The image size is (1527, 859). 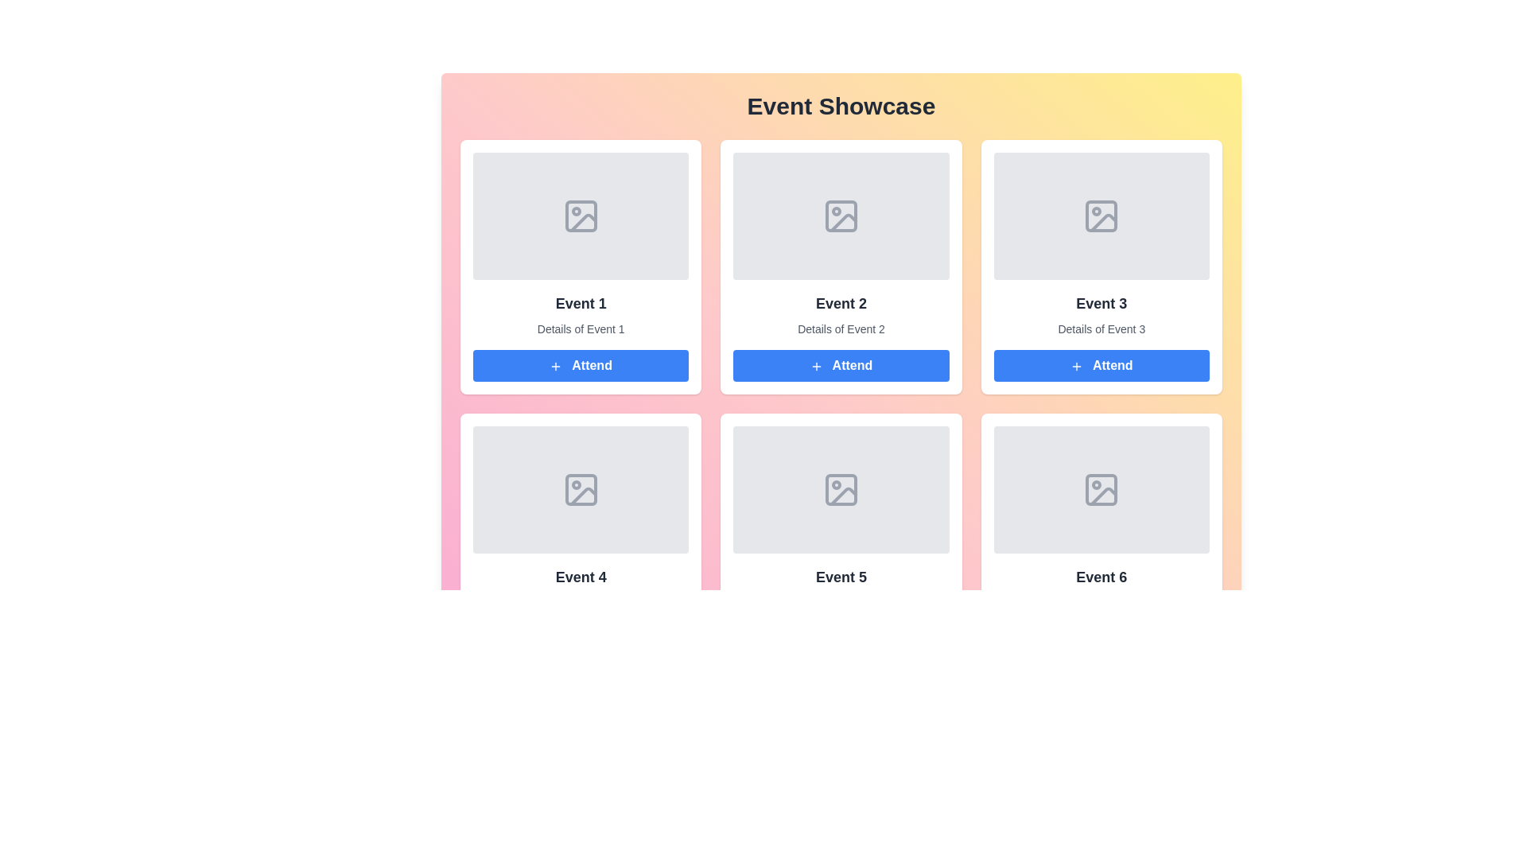 What do you see at coordinates (1101, 216) in the screenshot?
I see `the Image placeholder area, which is a rounded rectangular light gray area with a centered image placeholder icon, located at the top section of the card labeled 'Event 3' in the Event Showcase grid` at bounding box center [1101, 216].